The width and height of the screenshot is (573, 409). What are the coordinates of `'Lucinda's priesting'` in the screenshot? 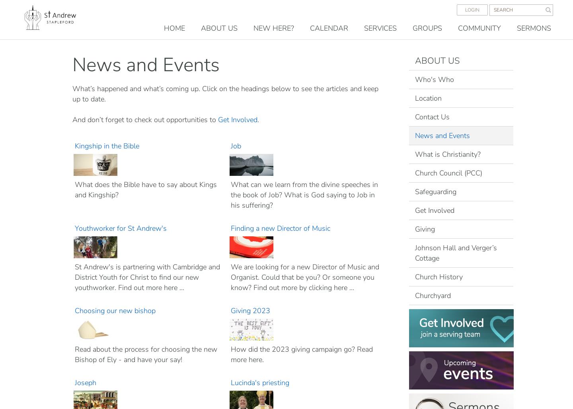 It's located at (260, 383).